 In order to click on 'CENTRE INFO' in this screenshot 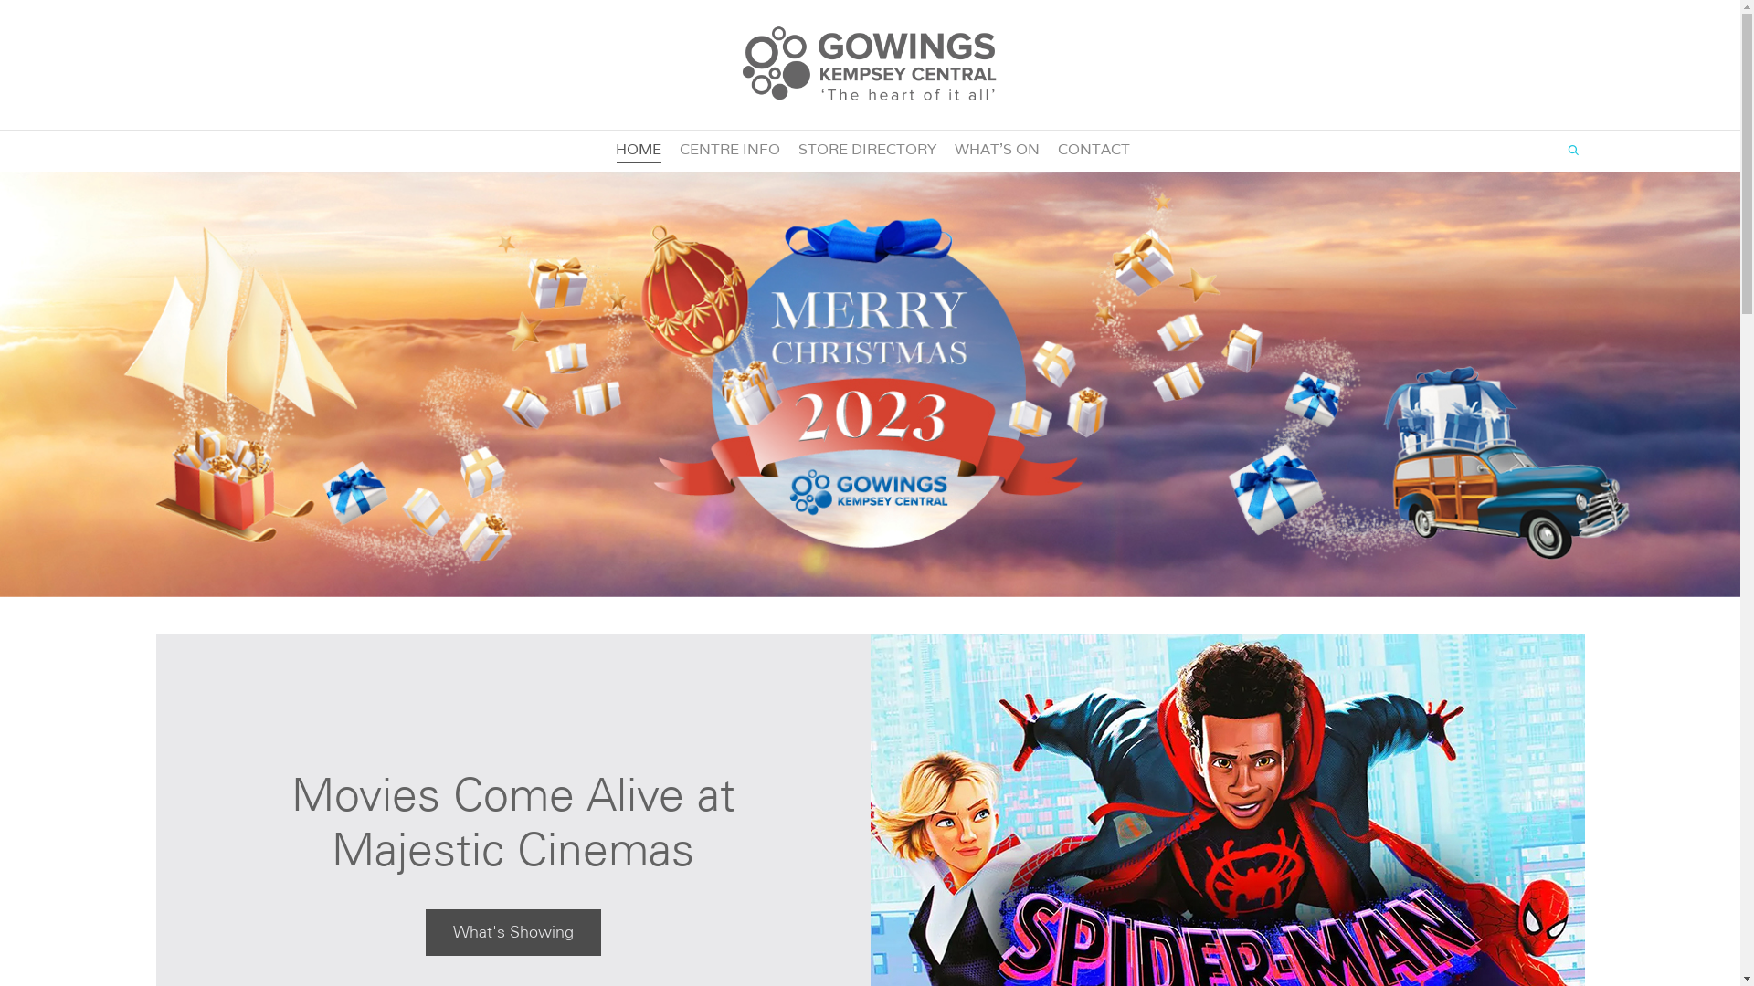, I will do `click(728, 149)`.